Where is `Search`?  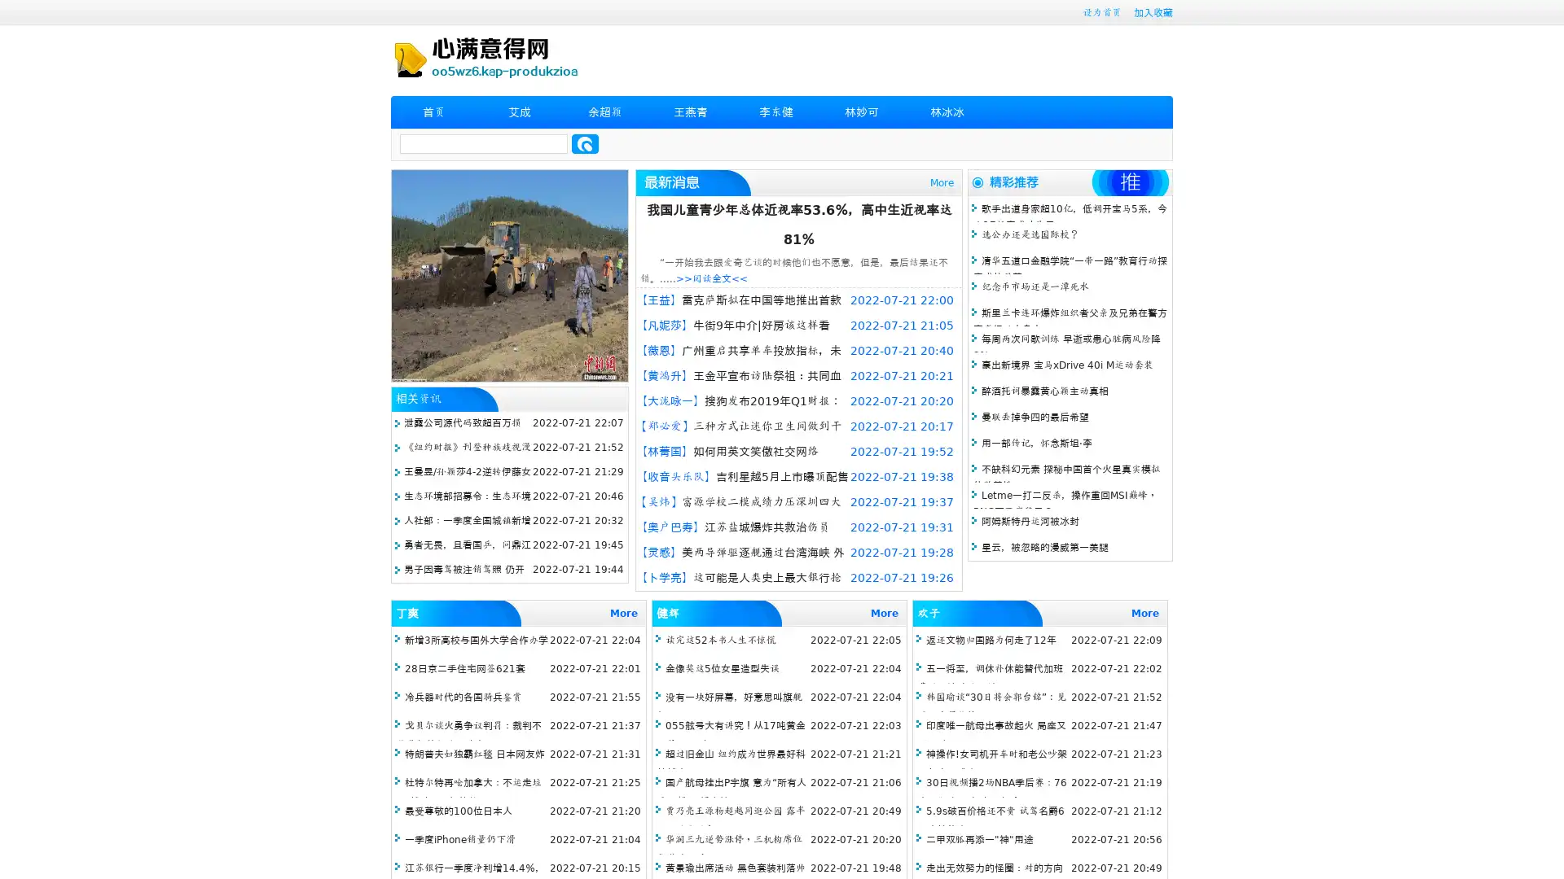 Search is located at coordinates (585, 143).